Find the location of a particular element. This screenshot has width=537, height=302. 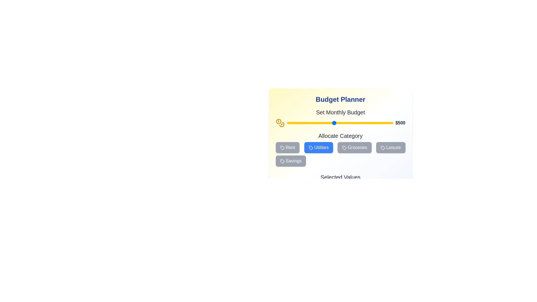

the header element containing the text 'Allocate Category', styled in bold black font on a white background is located at coordinates (340, 136).